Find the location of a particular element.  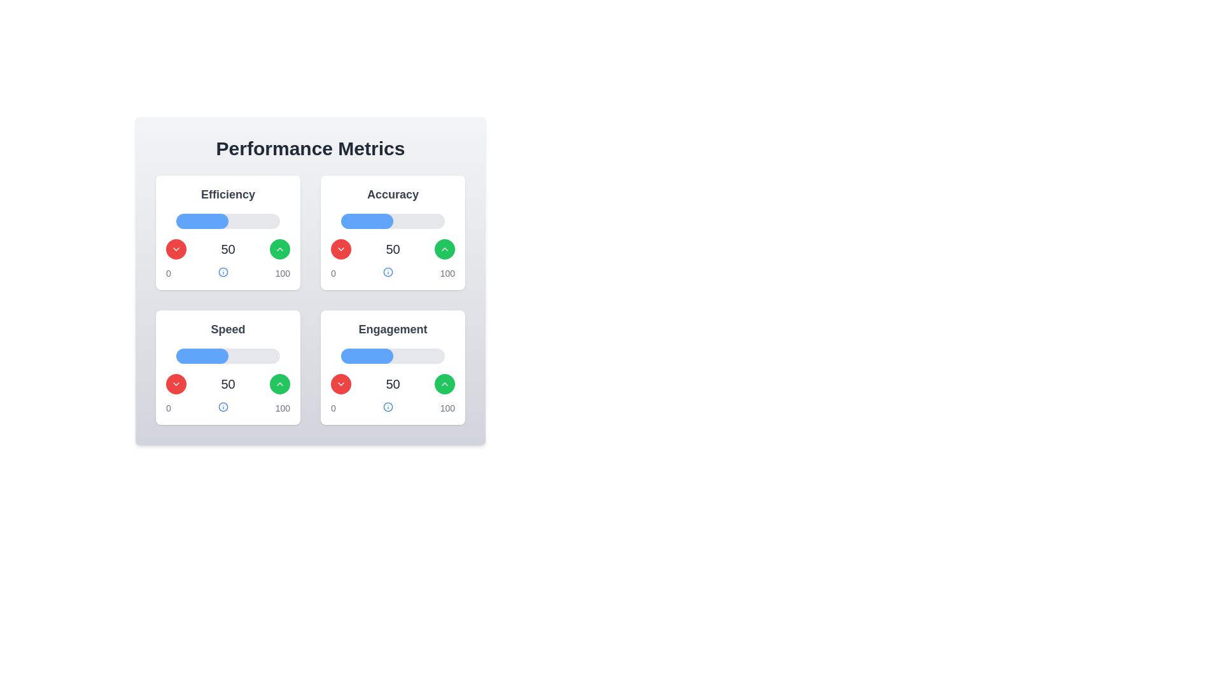

number displayed in the Text label showing '50' within the Efficiency card, which is centered between the red down arrow button and the green up arrow button is located at coordinates (228, 249).